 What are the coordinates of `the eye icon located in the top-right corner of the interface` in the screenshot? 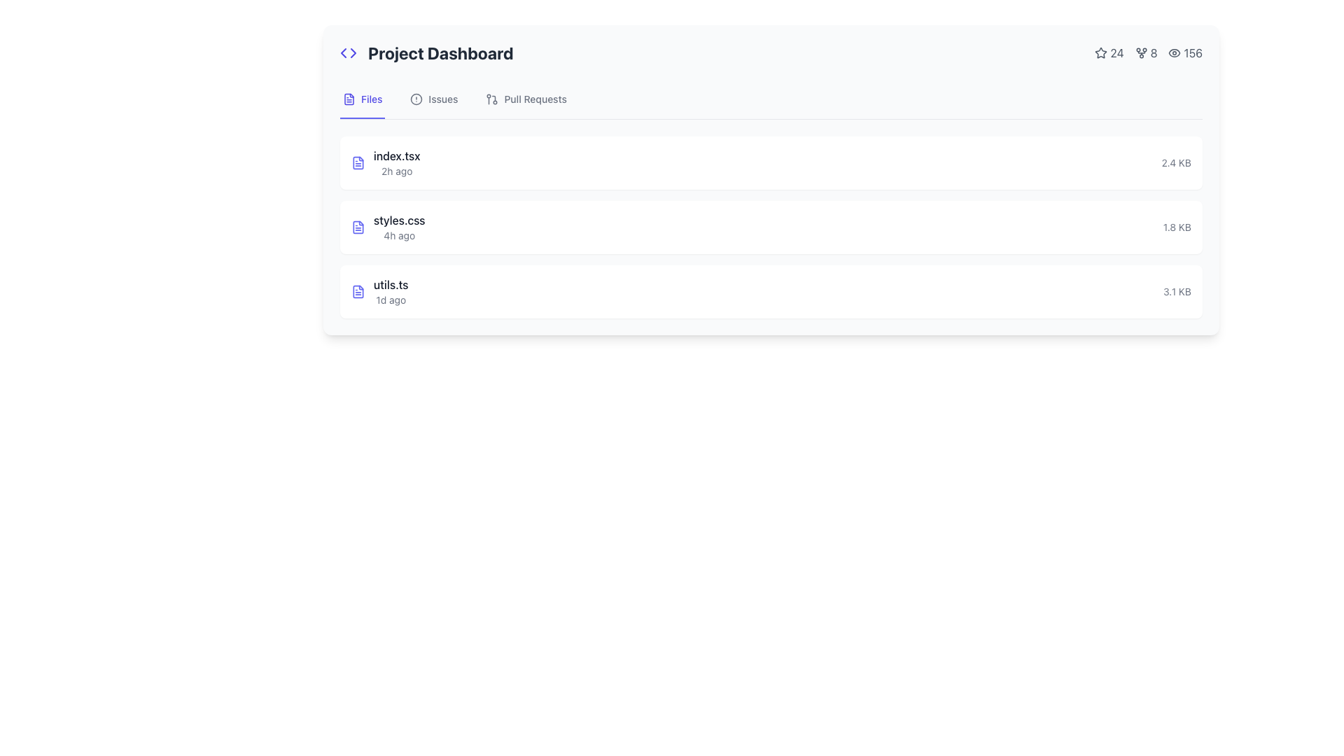 It's located at (1175, 52).